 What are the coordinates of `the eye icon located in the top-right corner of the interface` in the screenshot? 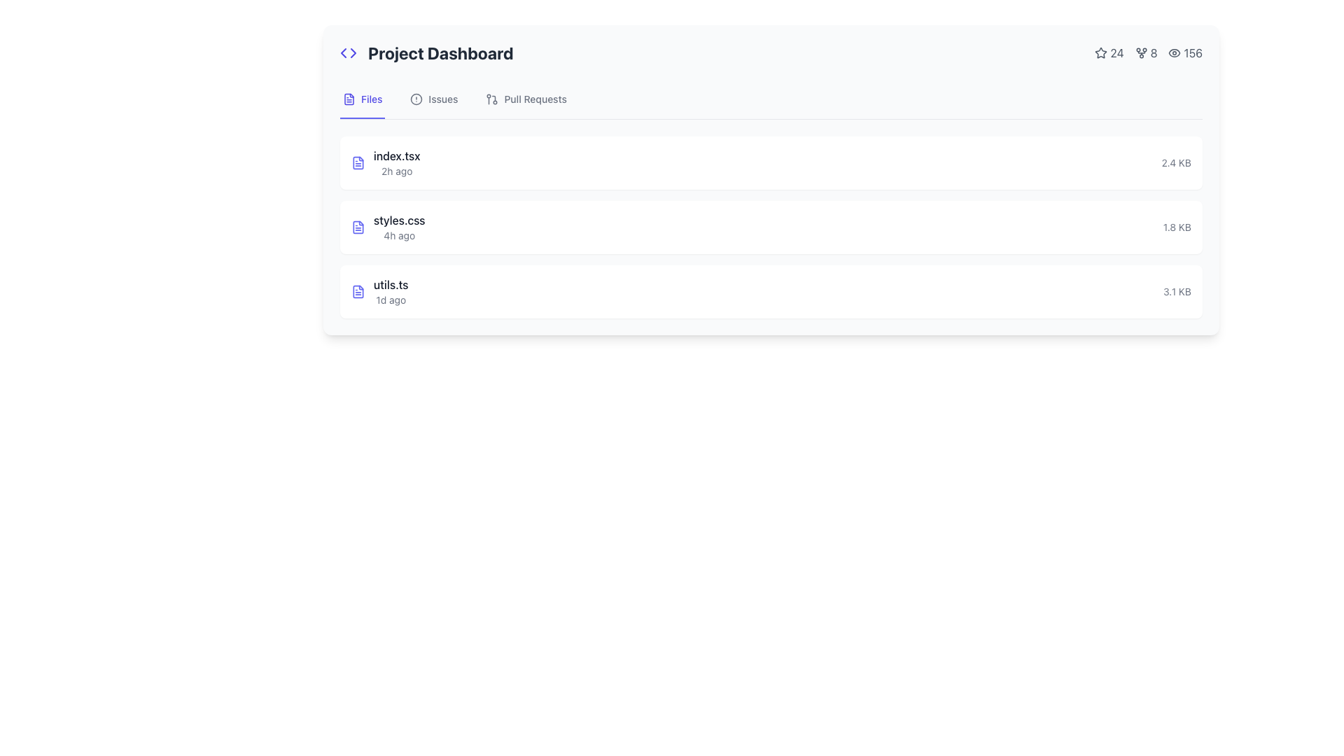 It's located at (1175, 52).